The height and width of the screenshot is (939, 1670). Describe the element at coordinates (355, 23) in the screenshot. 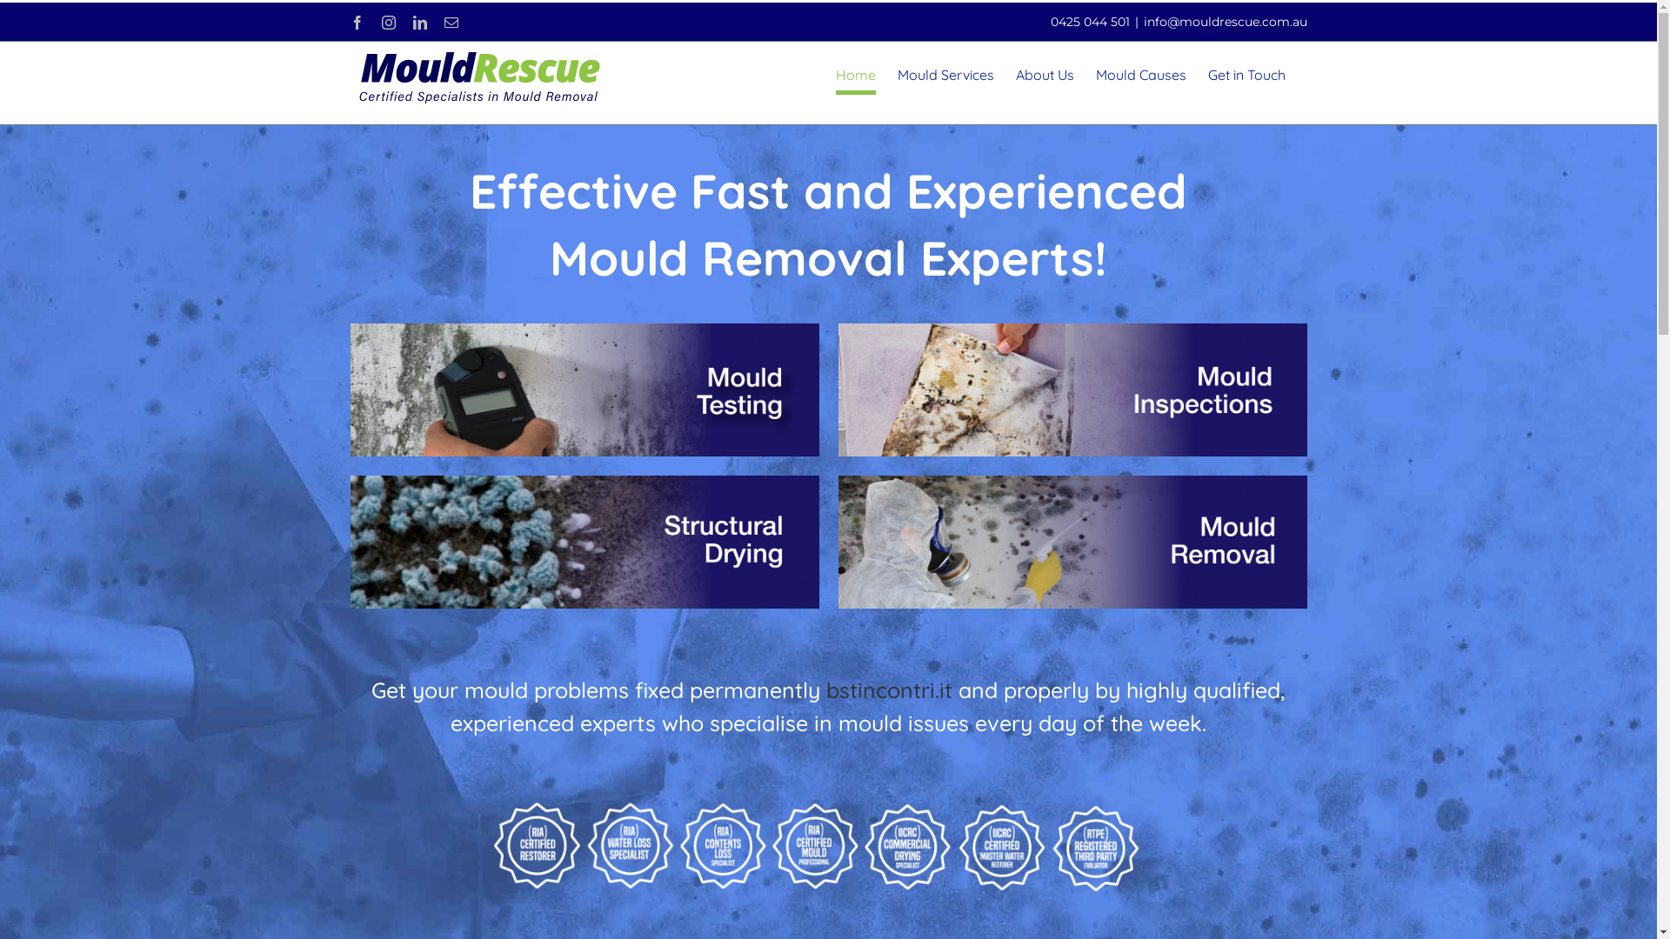

I see `'Facebook'` at that location.